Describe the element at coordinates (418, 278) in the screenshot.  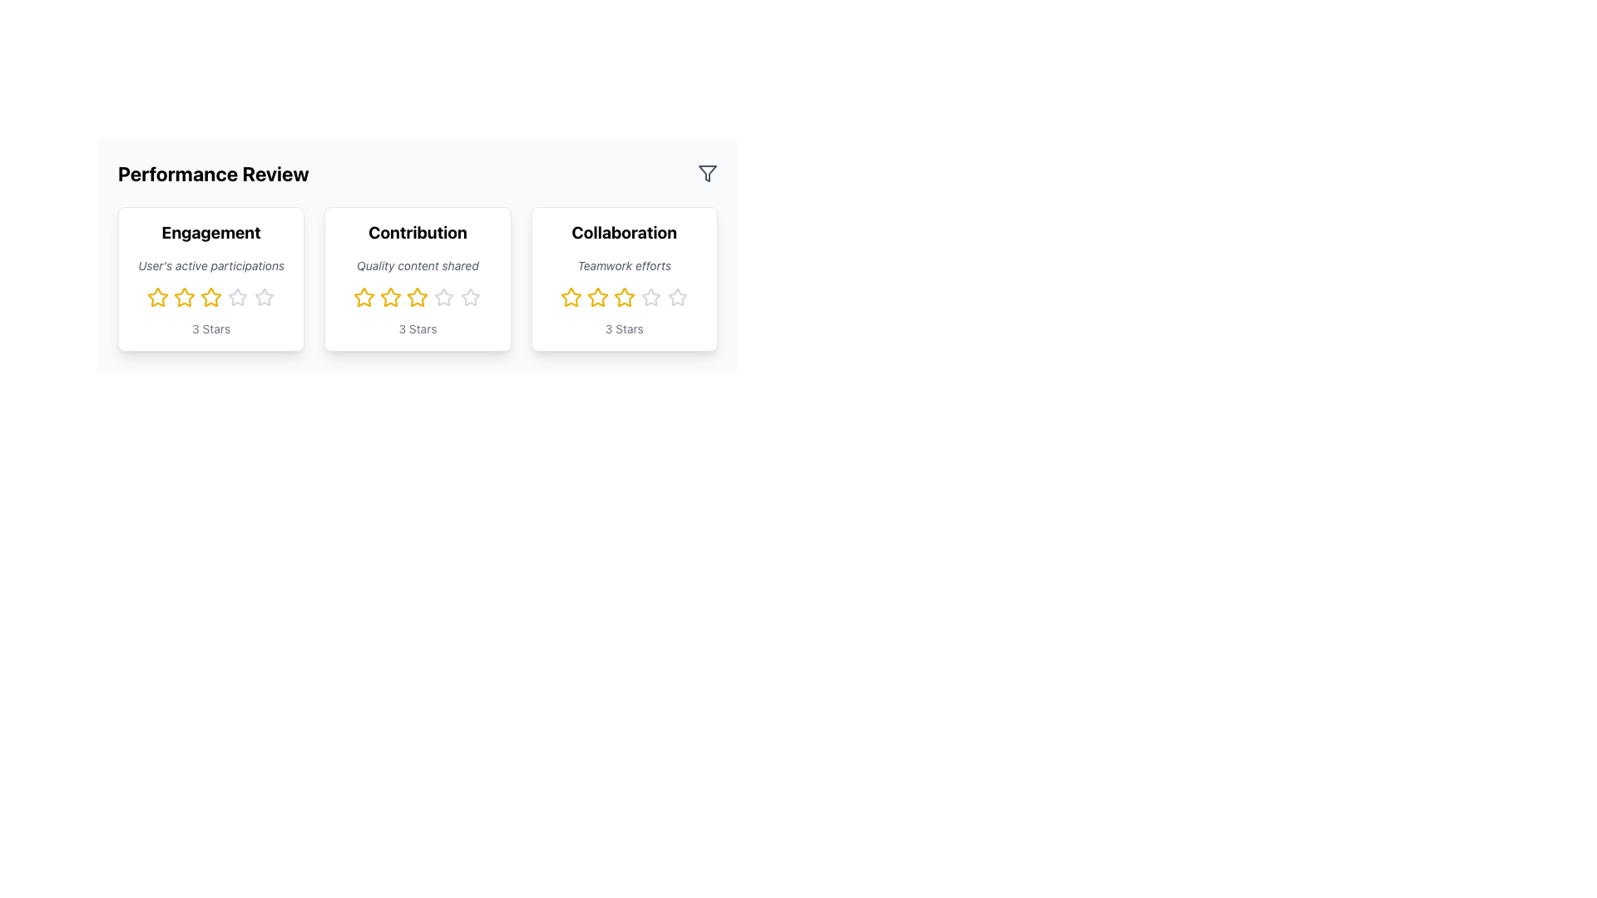
I see `the rating on the Contribution panel, which is the second section under the Performance Review heading, displaying an average 3-star rating` at that location.